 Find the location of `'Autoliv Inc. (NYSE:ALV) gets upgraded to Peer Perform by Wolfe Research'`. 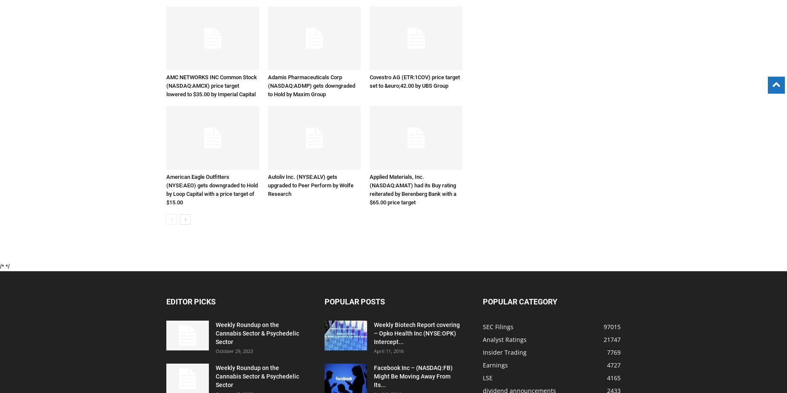

'Autoliv Inc. (NYSE:ALV) gets upgraded to Peer Perform by Wolfe Research' is located at coordinates (311, 185).